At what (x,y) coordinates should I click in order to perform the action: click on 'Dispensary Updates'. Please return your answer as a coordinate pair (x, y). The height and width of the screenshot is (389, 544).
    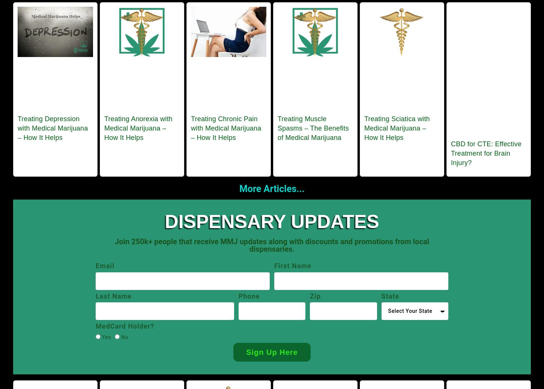
    Looking at the image, I should click on (271, 221).